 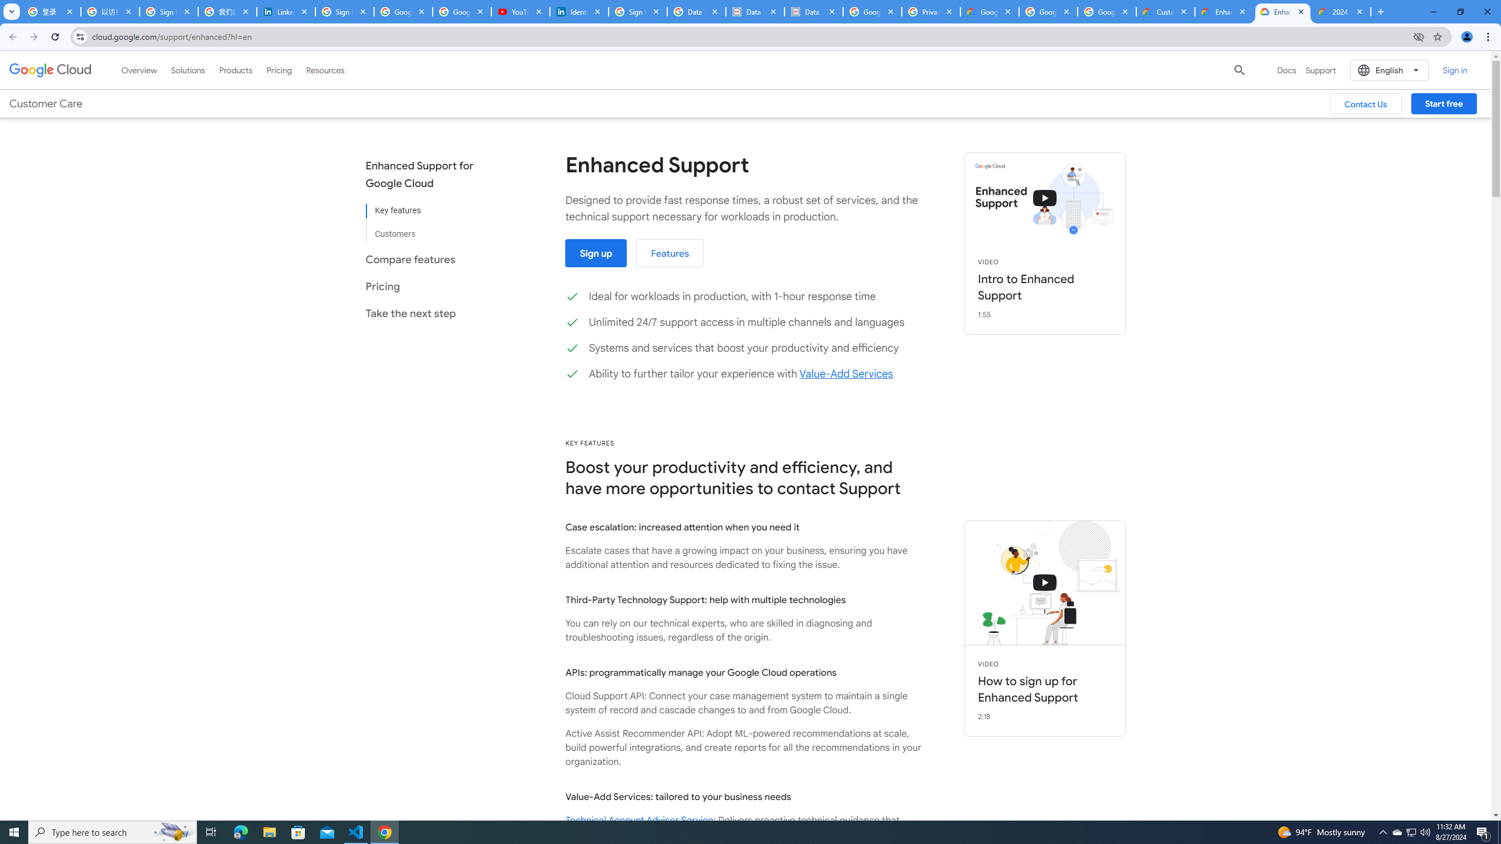 I want to click on 'Google Cloud', so click(x=50, y=69).